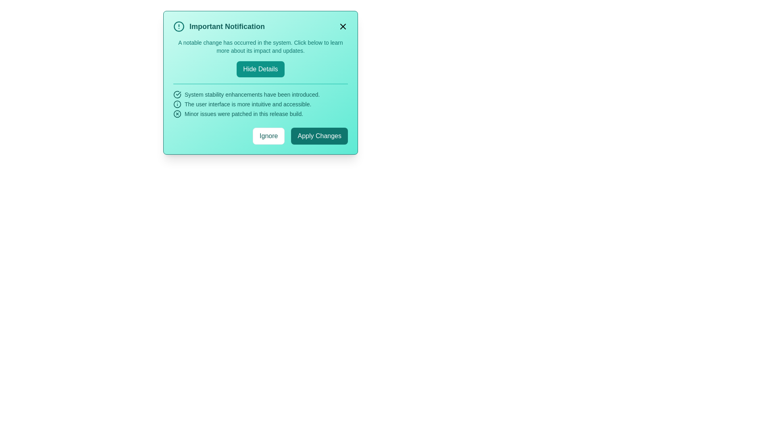  Describe the element at coordinates (260, 104) in the screenshot. I see `the Text Label that states 'The user interface is more intuitive and accessible.' which is styled with a teal font and located in the middle of a vertical list within a teal notification box` at that location.